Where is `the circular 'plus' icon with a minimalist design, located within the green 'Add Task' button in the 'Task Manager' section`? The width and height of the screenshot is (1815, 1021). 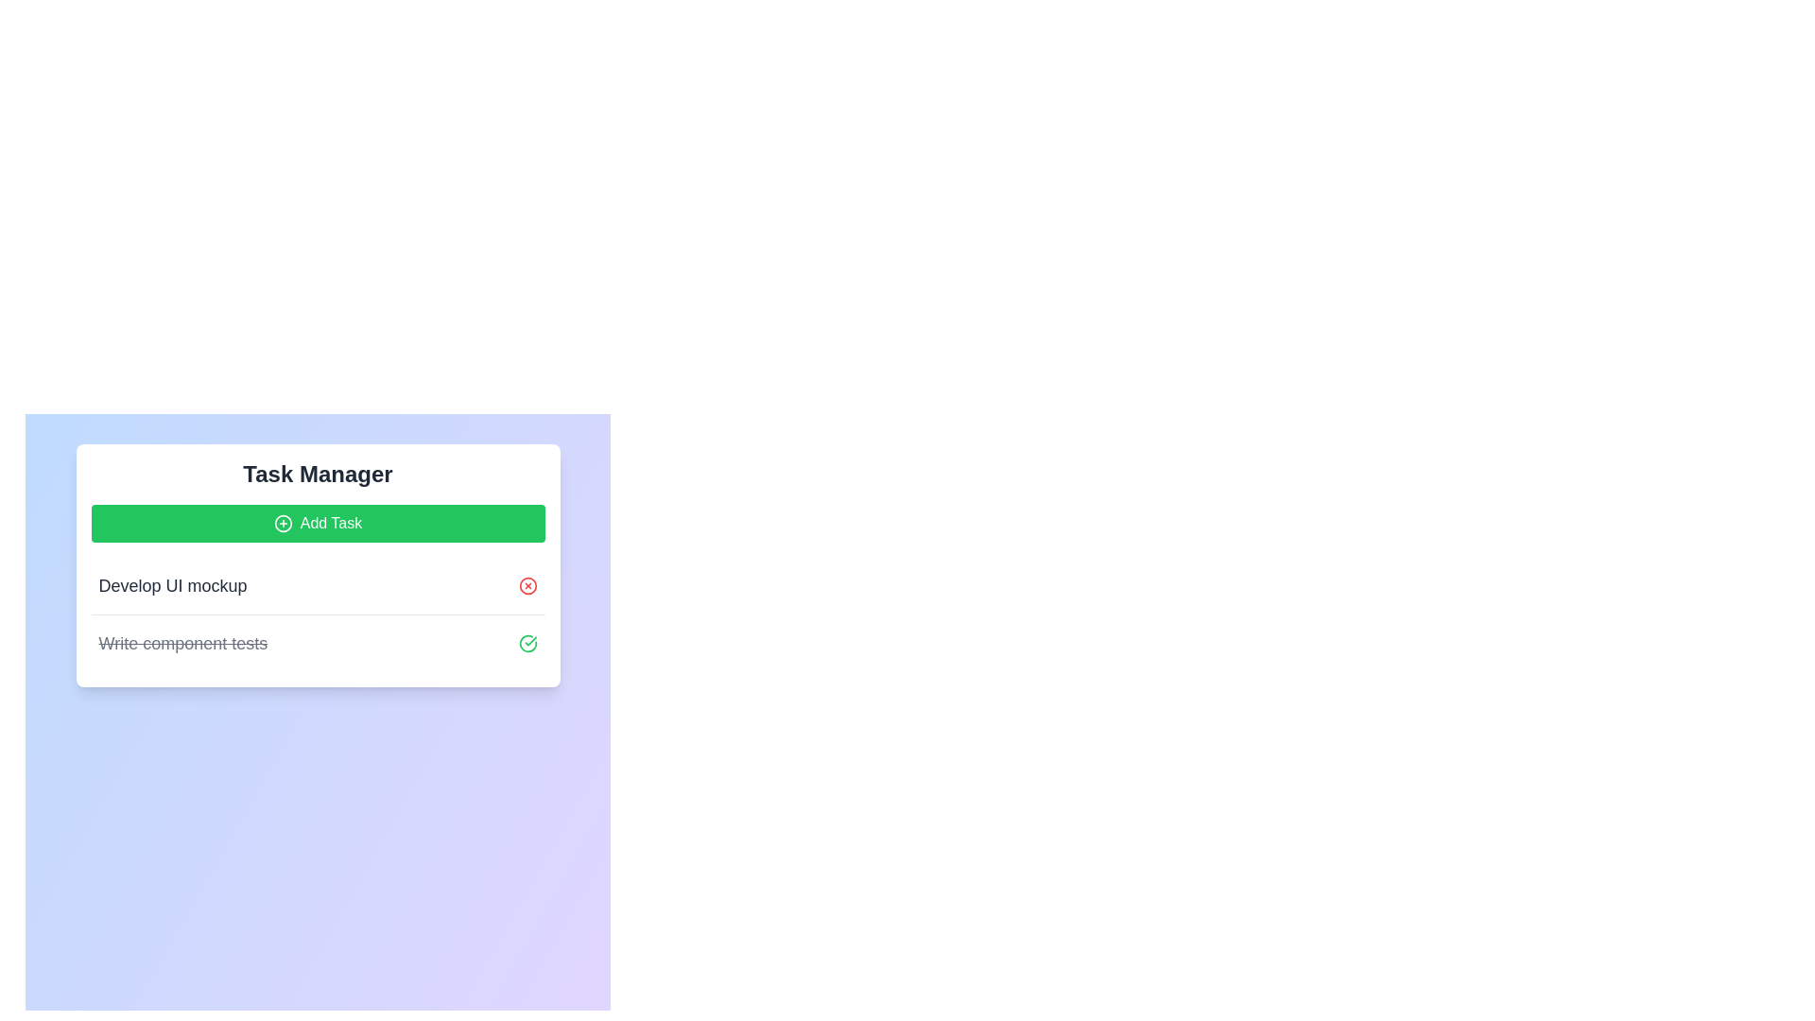 the circular 'plus' icon with a minimalist design, located within the green 'Add Task' button in the 'Task Manager' section is located at coordinates (282, 524).